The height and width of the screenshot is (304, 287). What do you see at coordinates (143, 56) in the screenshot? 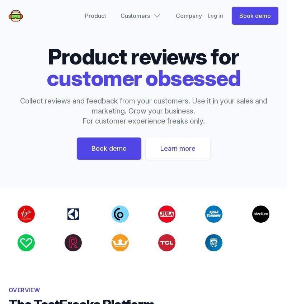
I see `'Product reviews for'` at bounding box center [143, 56].